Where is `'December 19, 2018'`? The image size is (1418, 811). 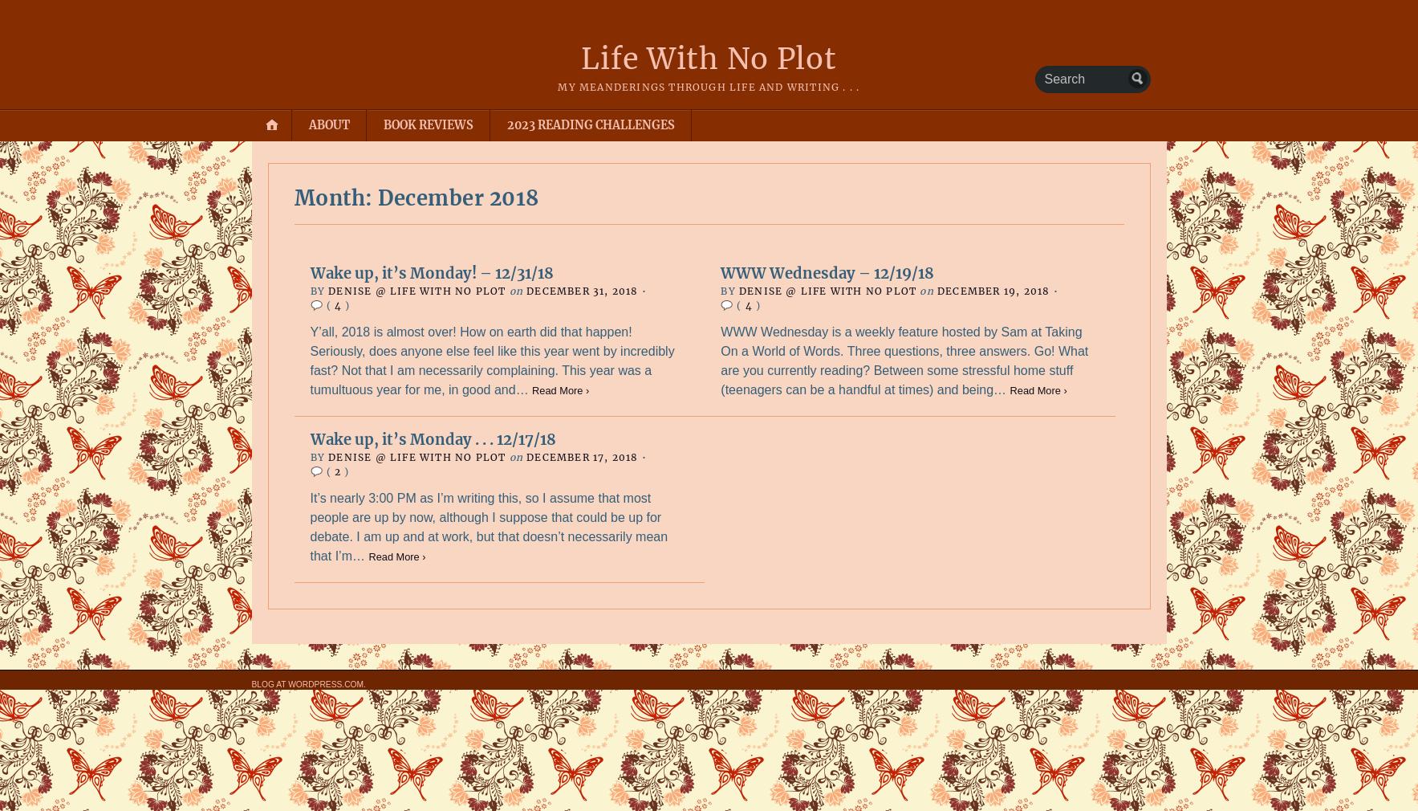
'December 19, 2018' is located at coordinates (936, 290).